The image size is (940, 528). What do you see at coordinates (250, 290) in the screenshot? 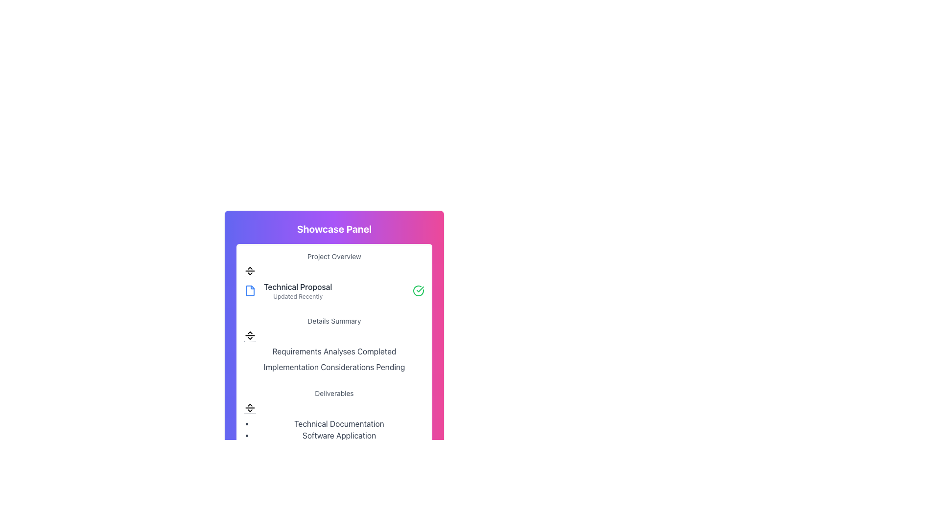
I see `the file icon located at the leftmost position in the row labeled 'Technical Proposal Updated Recently.'` at bounding box center [250, 290].